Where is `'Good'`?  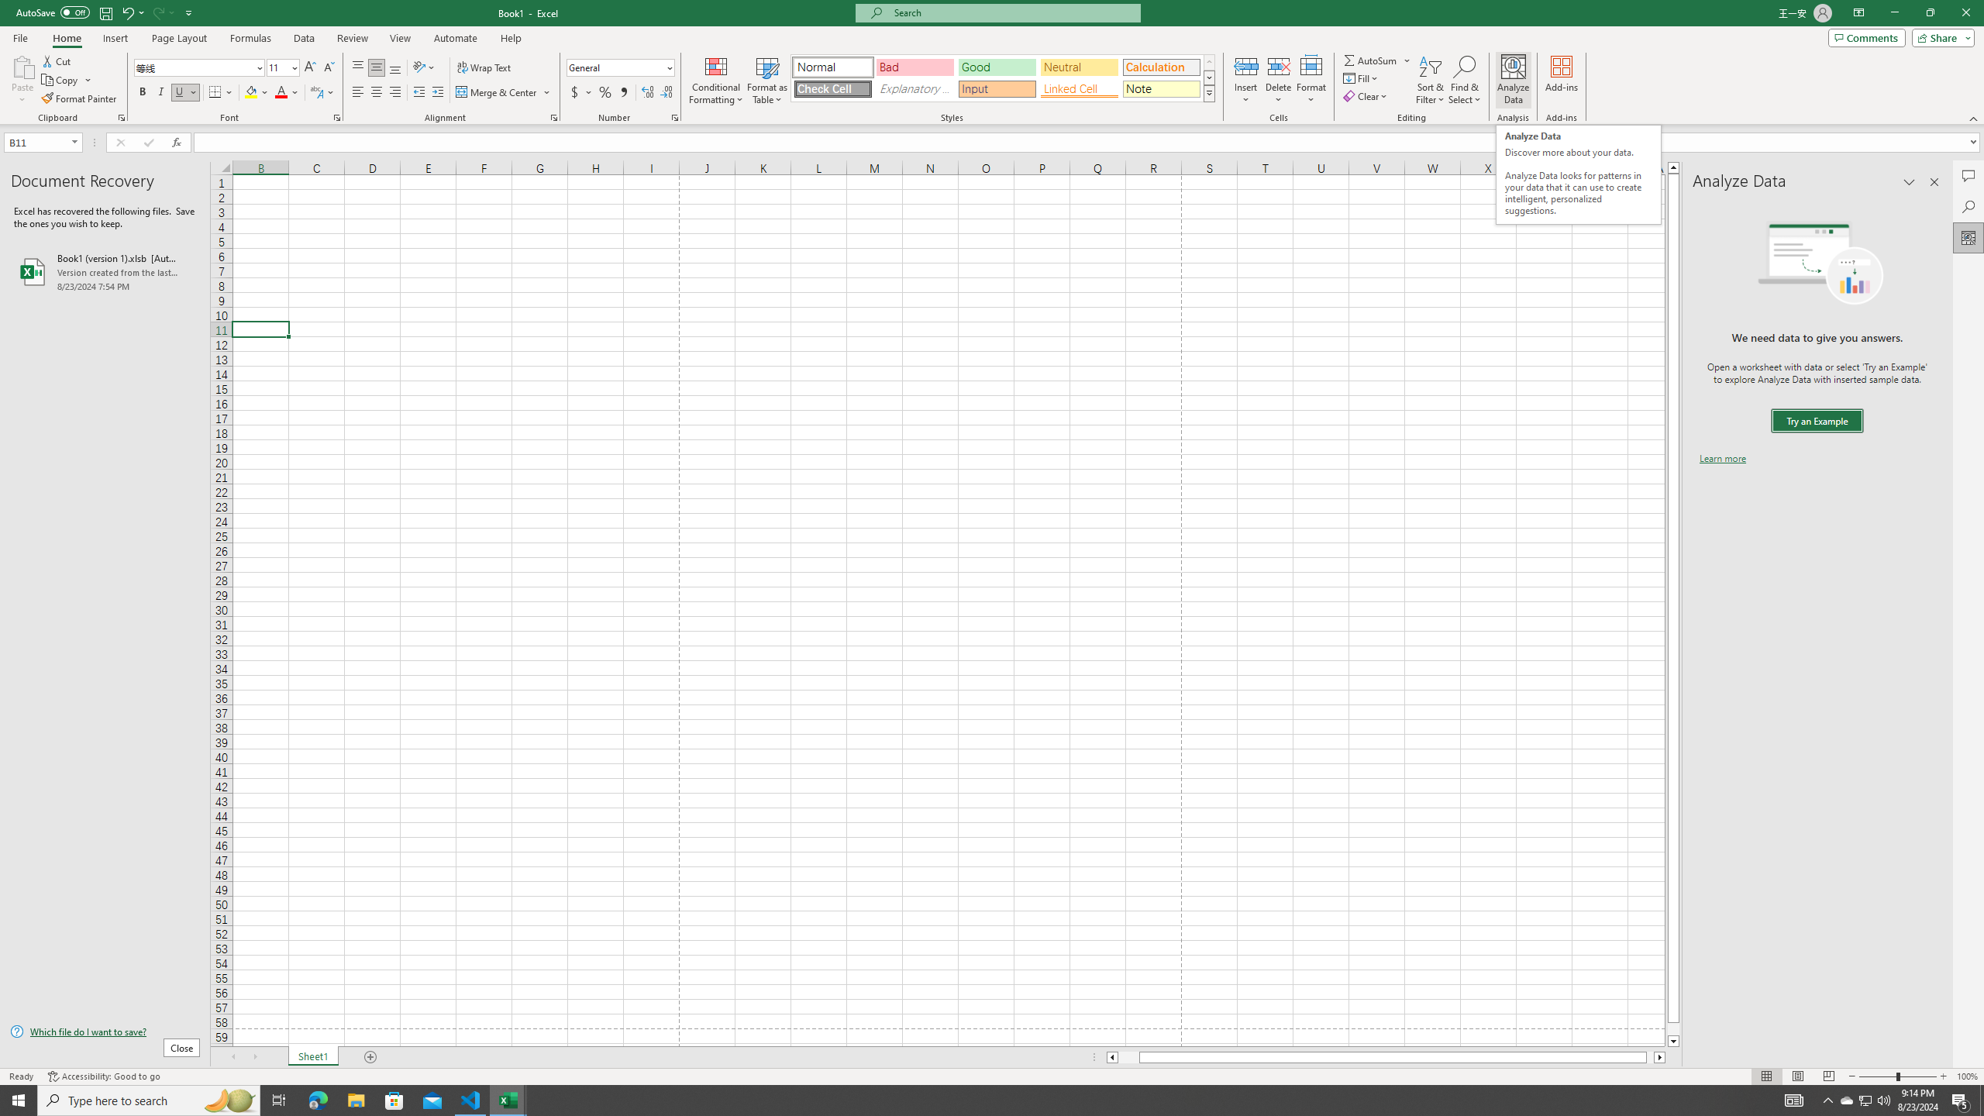
'Good' is located at coordinates (996, 67).